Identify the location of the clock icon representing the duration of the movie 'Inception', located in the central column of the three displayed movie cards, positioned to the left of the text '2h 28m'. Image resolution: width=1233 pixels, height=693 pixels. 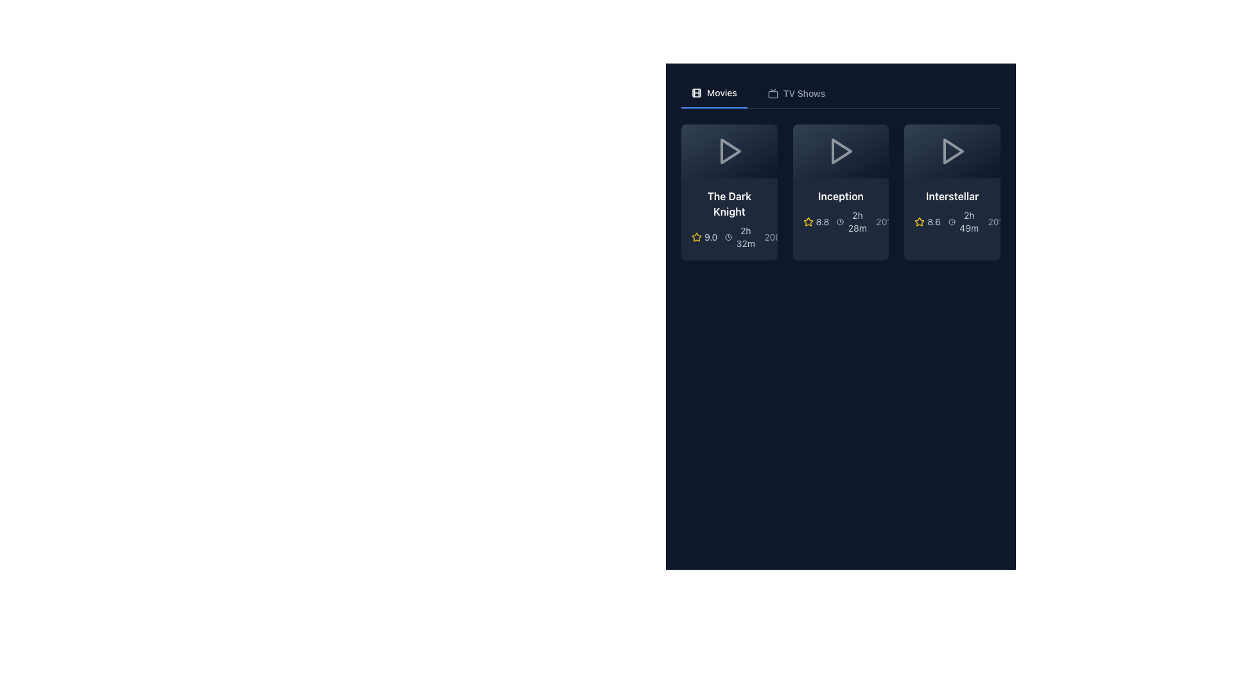
(840, 221).